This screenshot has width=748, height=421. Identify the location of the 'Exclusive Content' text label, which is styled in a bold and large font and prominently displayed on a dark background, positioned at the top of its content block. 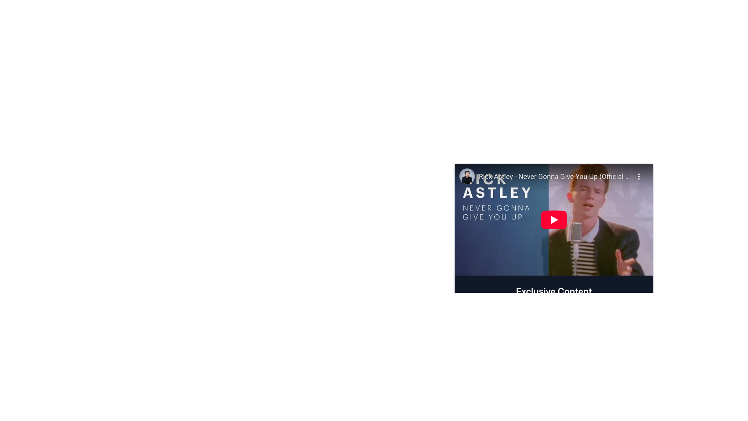
(553, 290).